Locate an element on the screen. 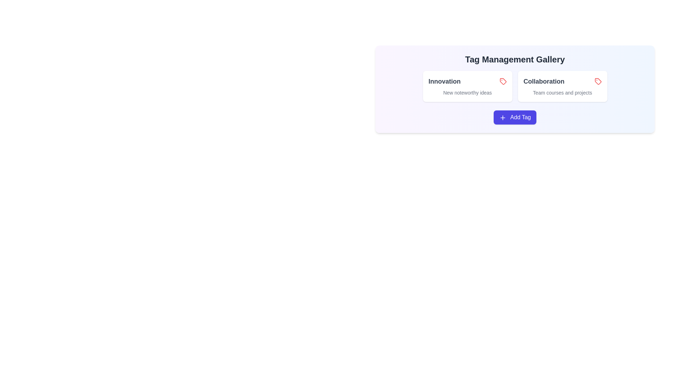 Image resolution: width=678 pixels, height=381 pixels. the categories labeled 'Innovation' and 'Collaboration' in the 'Tag Management Gallery' dashboard widget to view or manage details is located at coordinates (515, 116).